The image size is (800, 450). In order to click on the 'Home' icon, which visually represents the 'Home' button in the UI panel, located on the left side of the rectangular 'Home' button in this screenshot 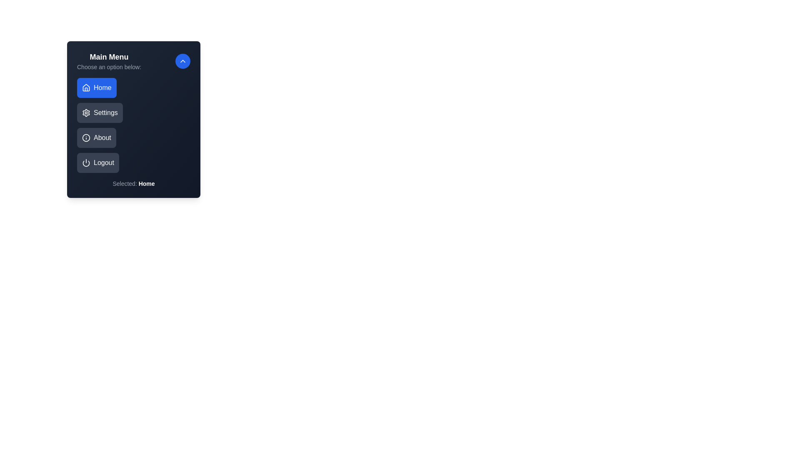, I will do `click(86, 87)`.